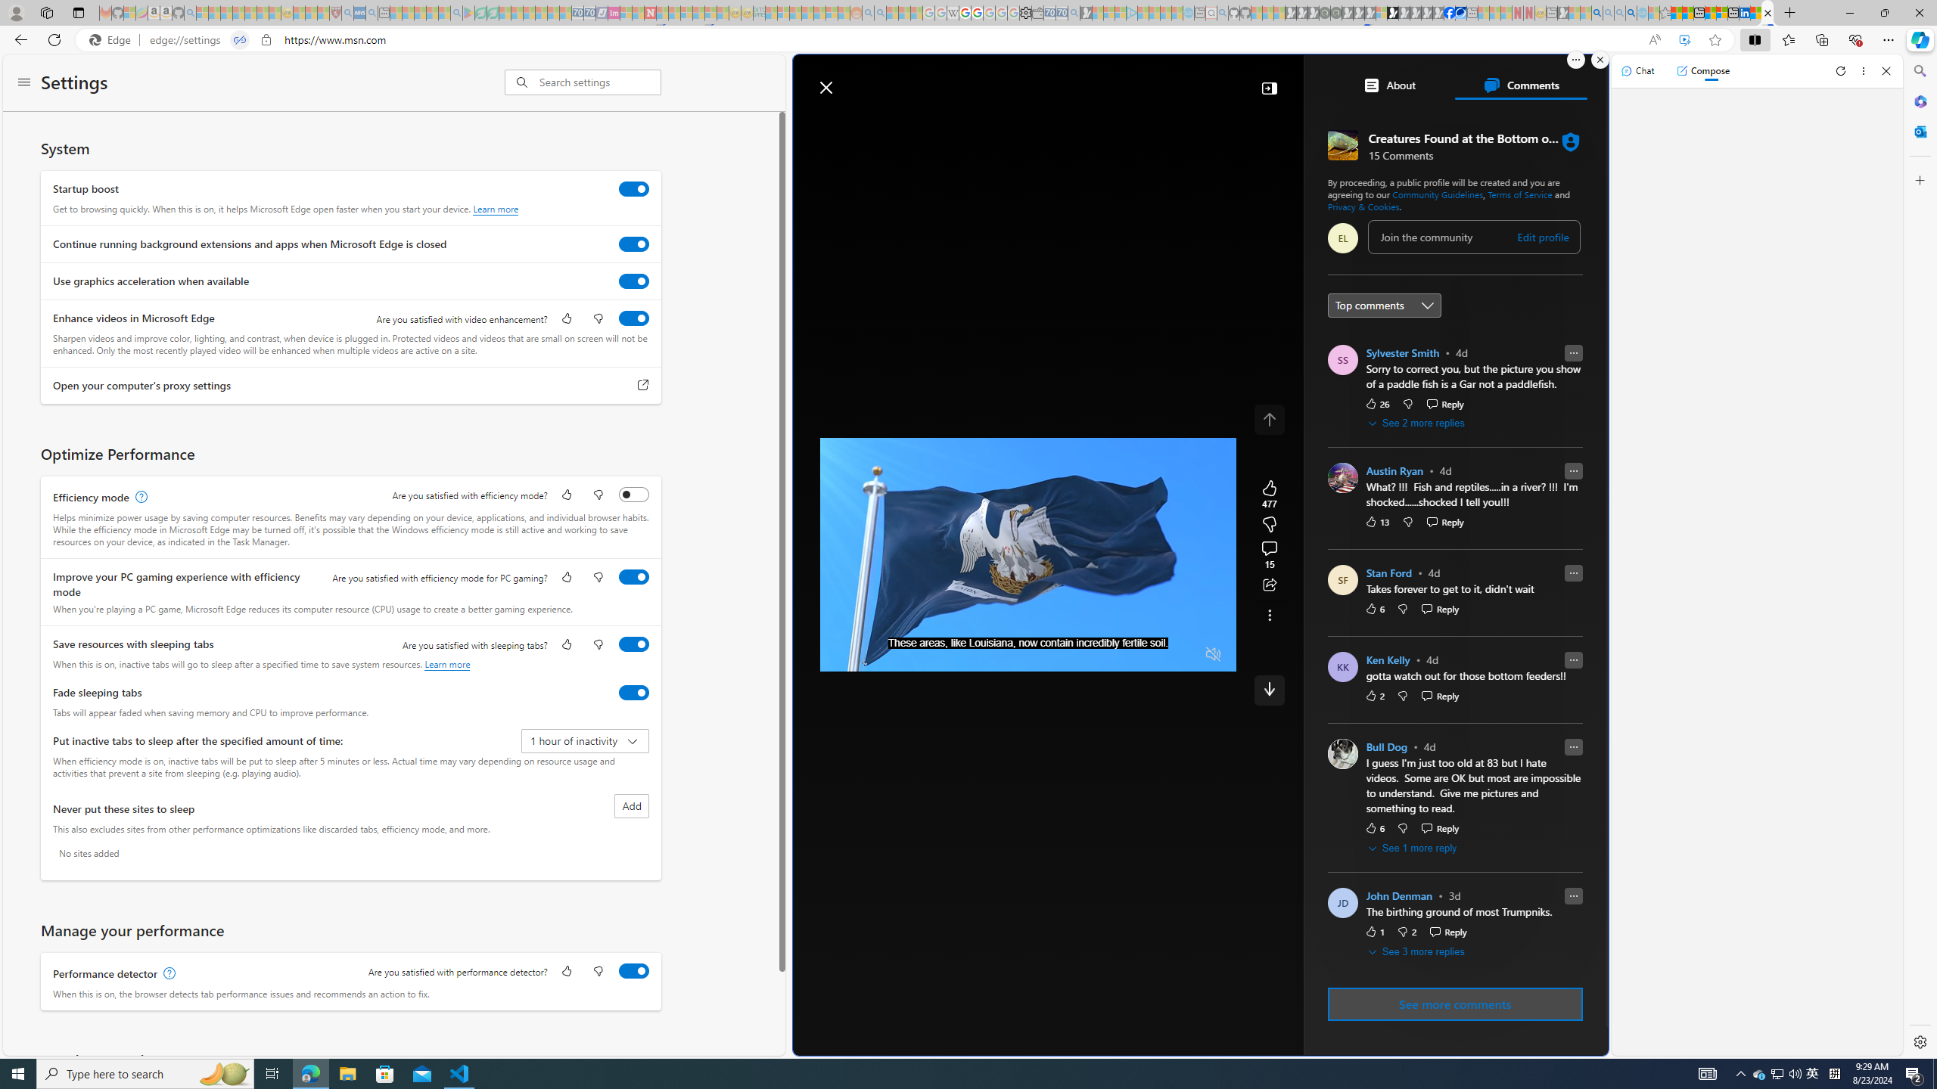  Describe the element at coordinates (250, 12) in the screenshot. I see `'New Report Confirms 2023 Was Record Hot | Watch - Sleeping'` at that location.